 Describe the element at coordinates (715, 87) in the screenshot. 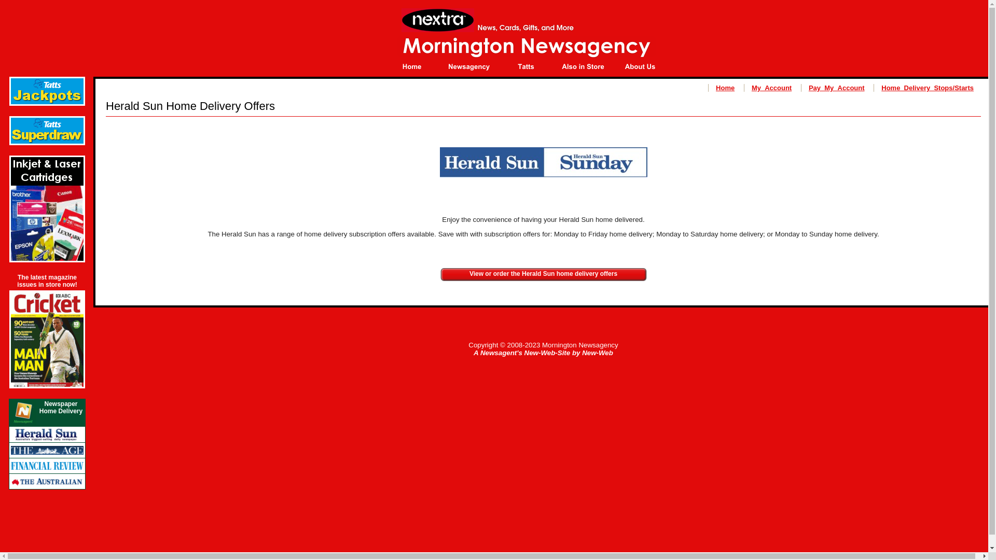

I see `'Home'` at that location.